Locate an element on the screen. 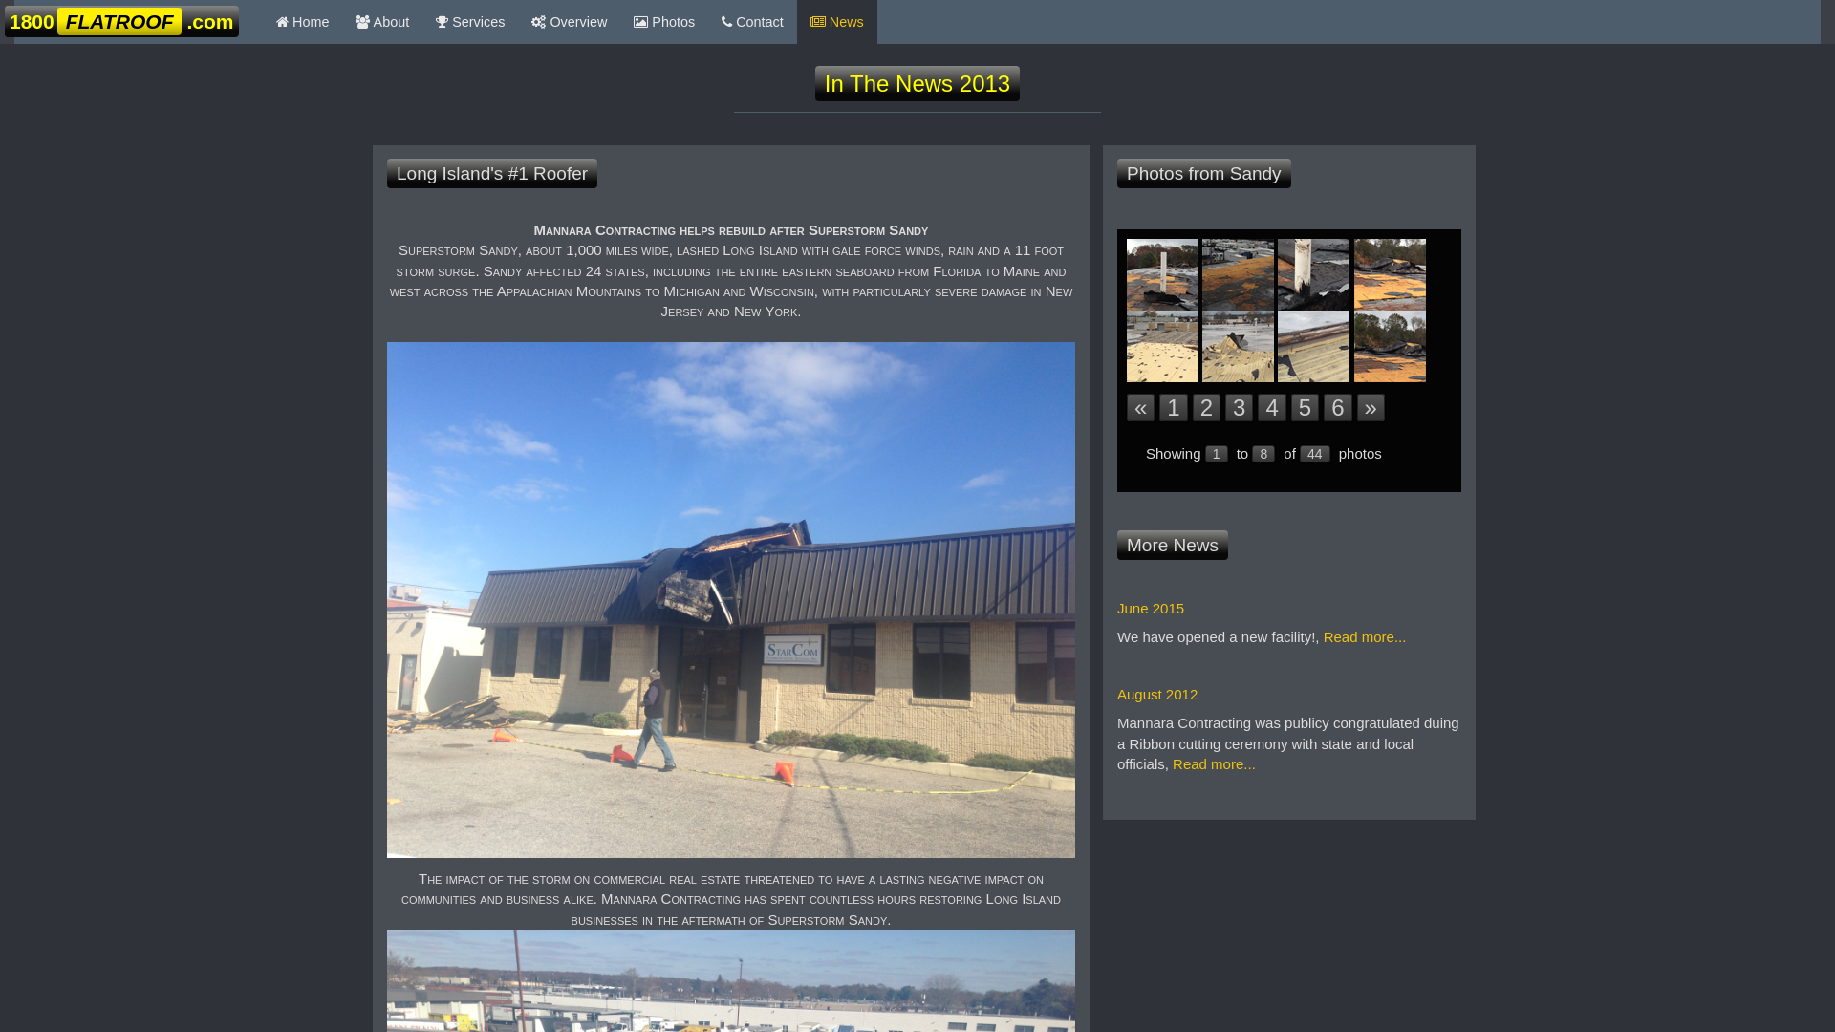 This screenshot has height=1032, width=1835. 'June 2015' is located at coordinates (1150, 608).